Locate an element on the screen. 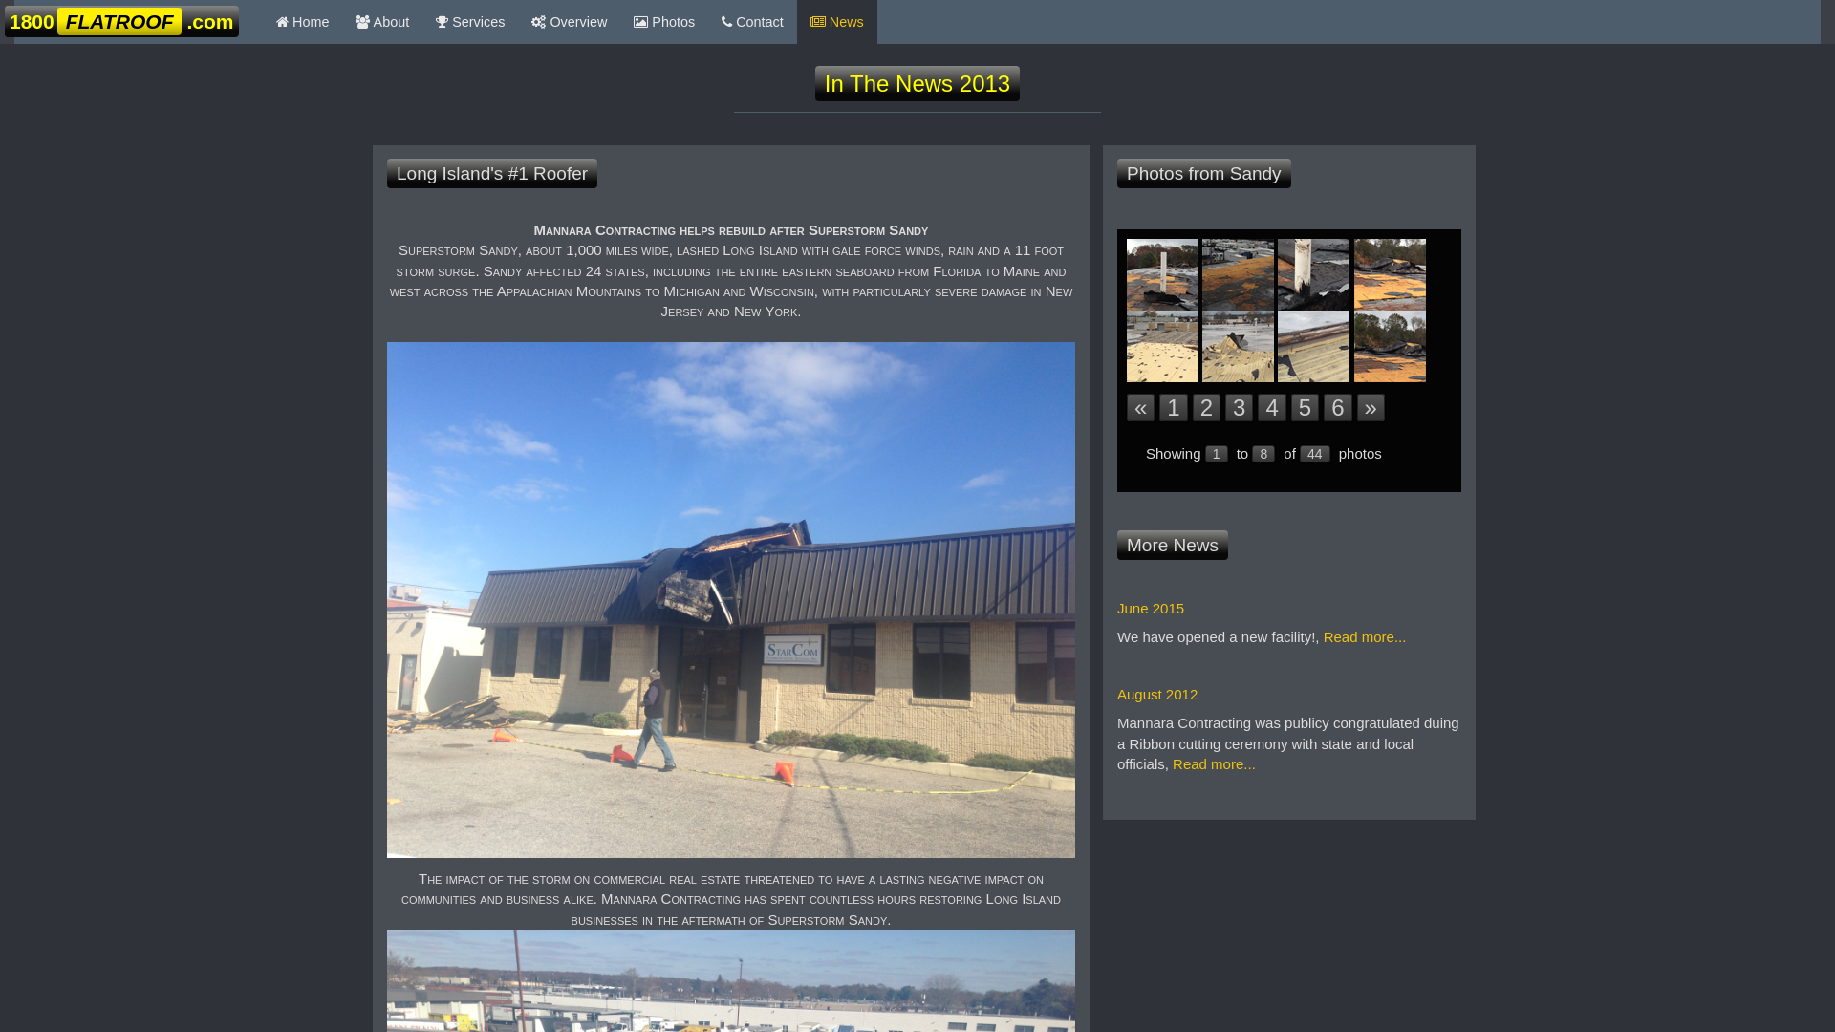 This screenshot has height=1032, width=1835. 'June 2015' is located at coordinates (1150, 608).